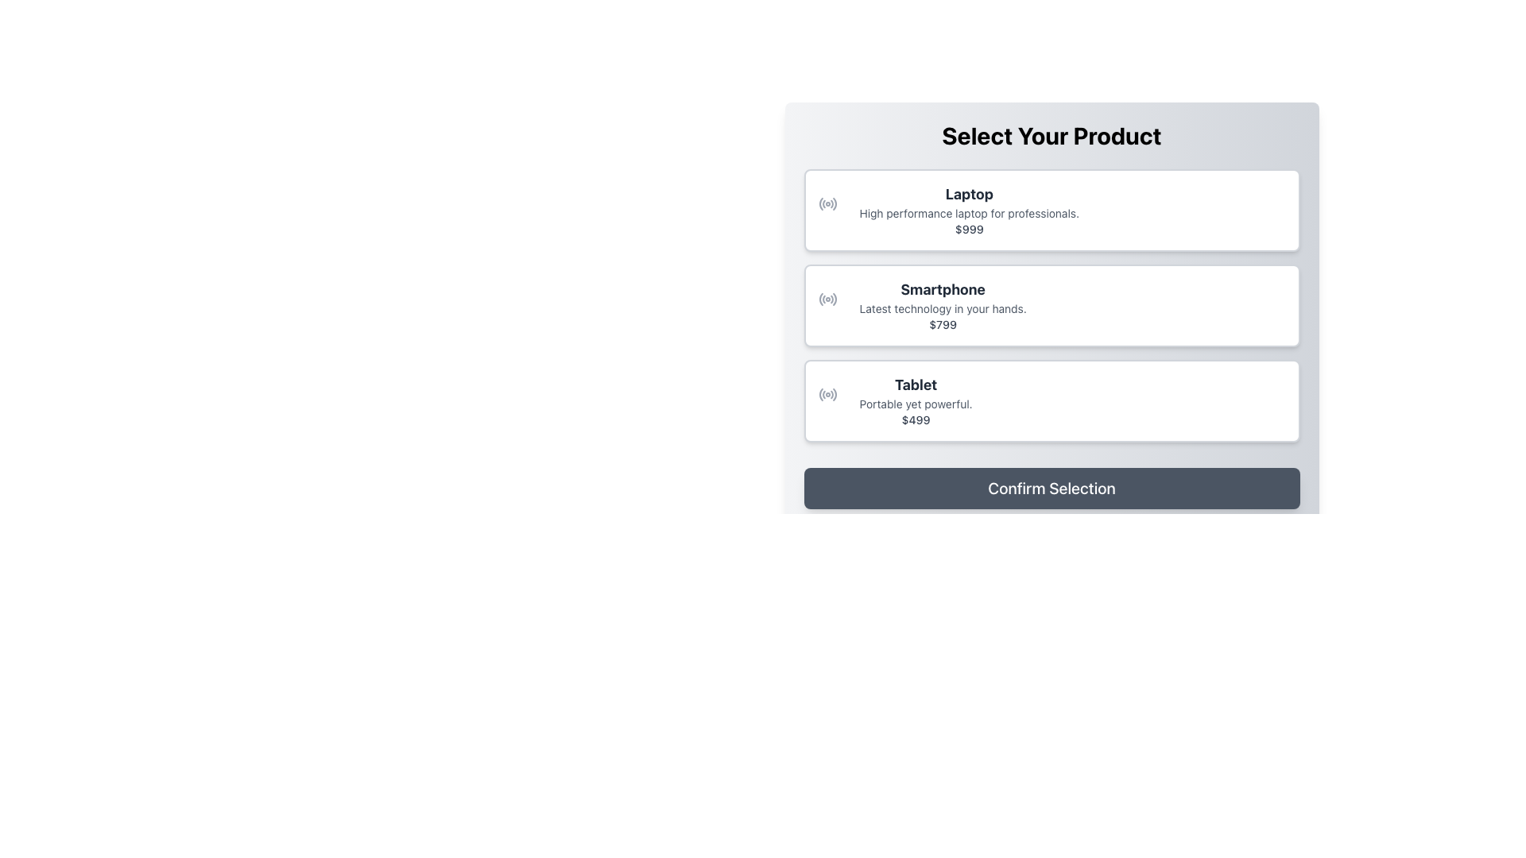  I want to click on the Text Label displaying the price '$499' located beneath the description 'Portable yet powerful.' for the product 'Tablet', so click(916, 419).